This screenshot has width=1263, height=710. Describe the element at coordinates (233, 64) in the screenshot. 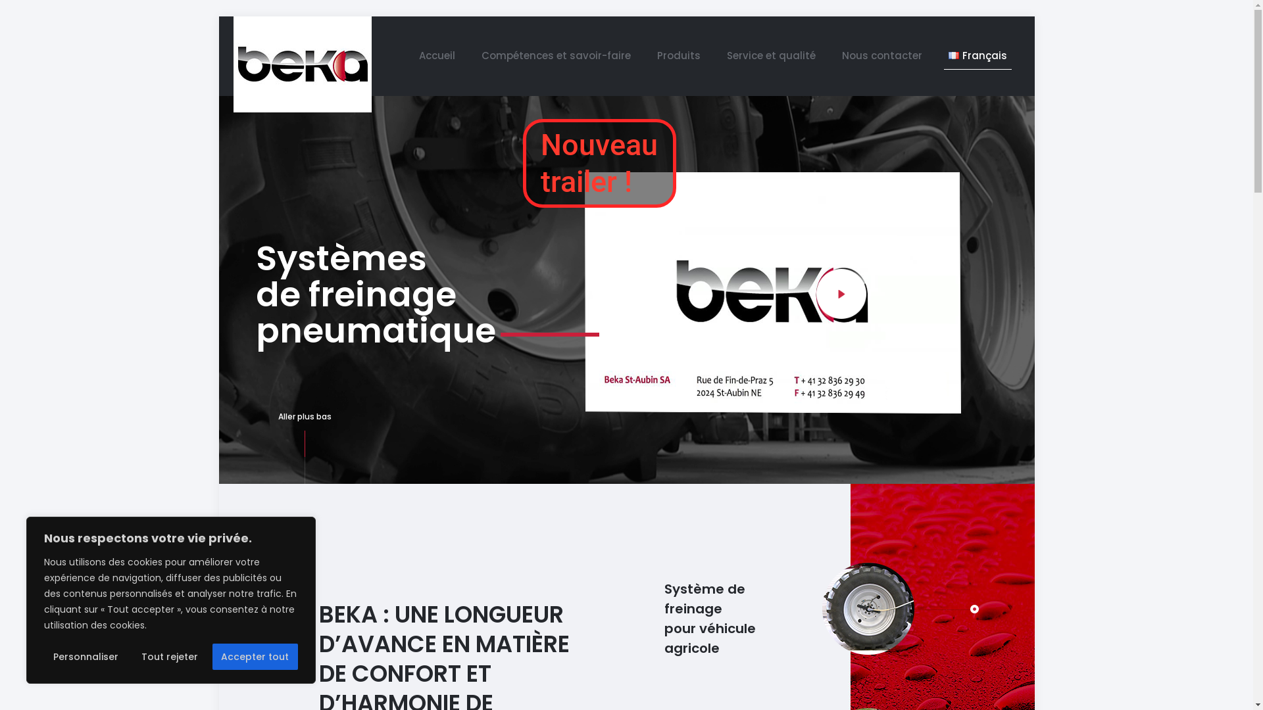

I see `'BEKA ST-AUBIN SA'` at that location.